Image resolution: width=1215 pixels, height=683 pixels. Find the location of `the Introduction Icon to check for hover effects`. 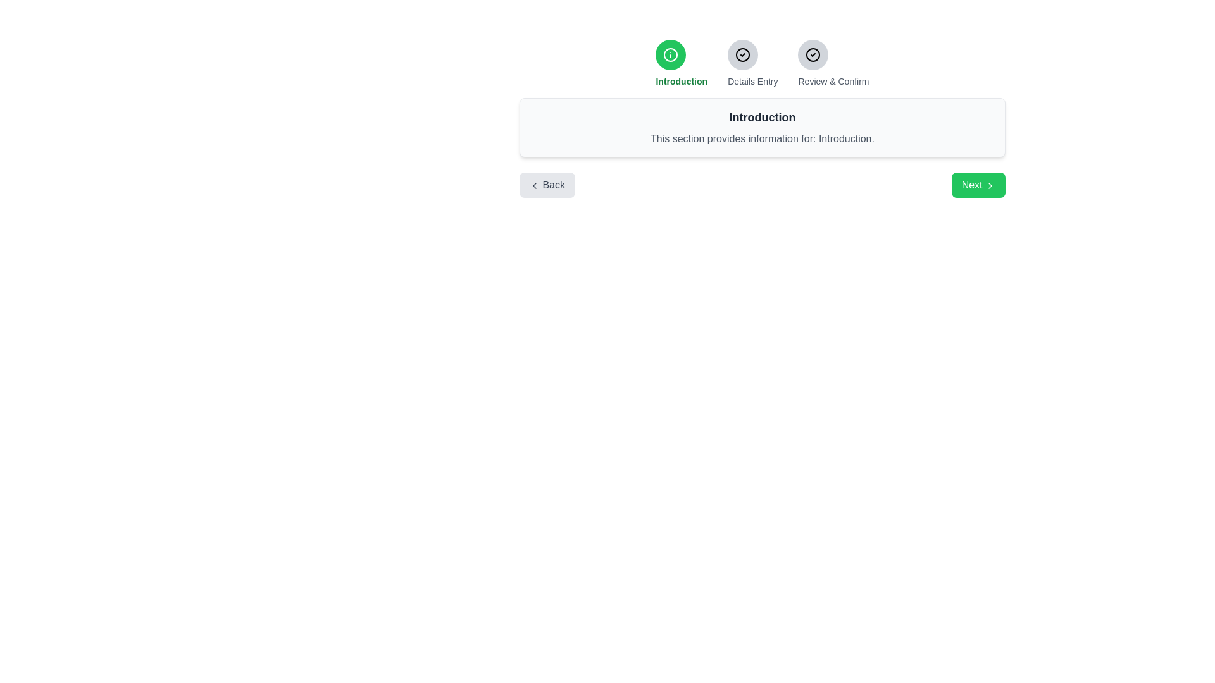

the Introduction Icon to check for hover effects is located at coordinates (670, 54).